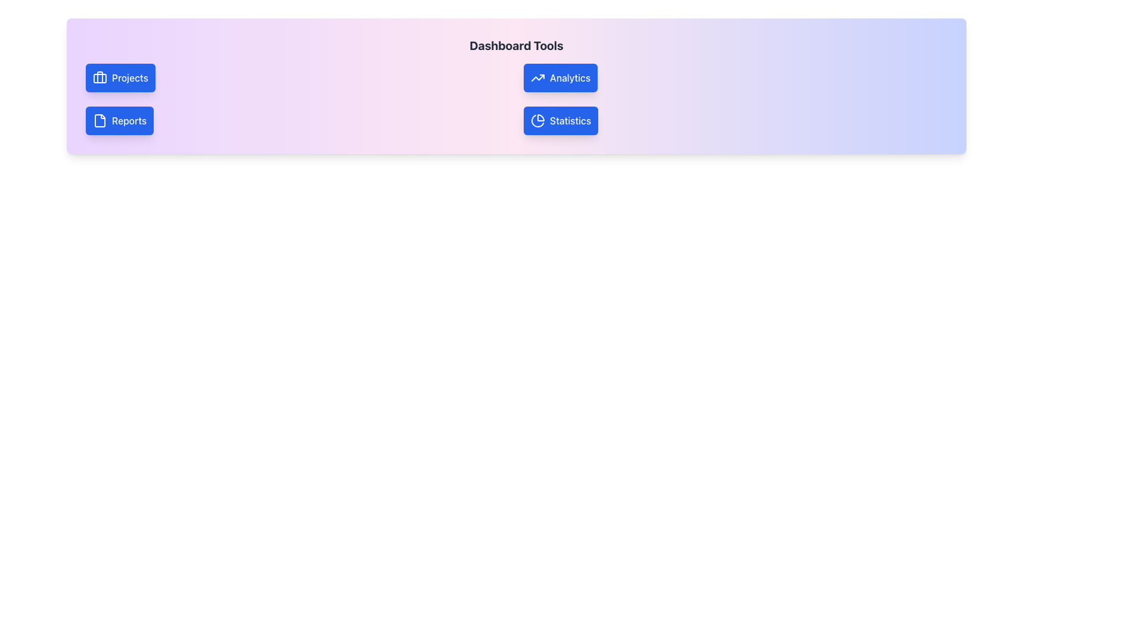 This screenshot has height=643, width=1144. What do you see at coordinates (569, 78) in the screenshot?
I see `the button labeled 'Analytics' which is part of the 'Dashboard Tools' interface, located in the upper-right position among similar elements` at bounding box center [569, 78].